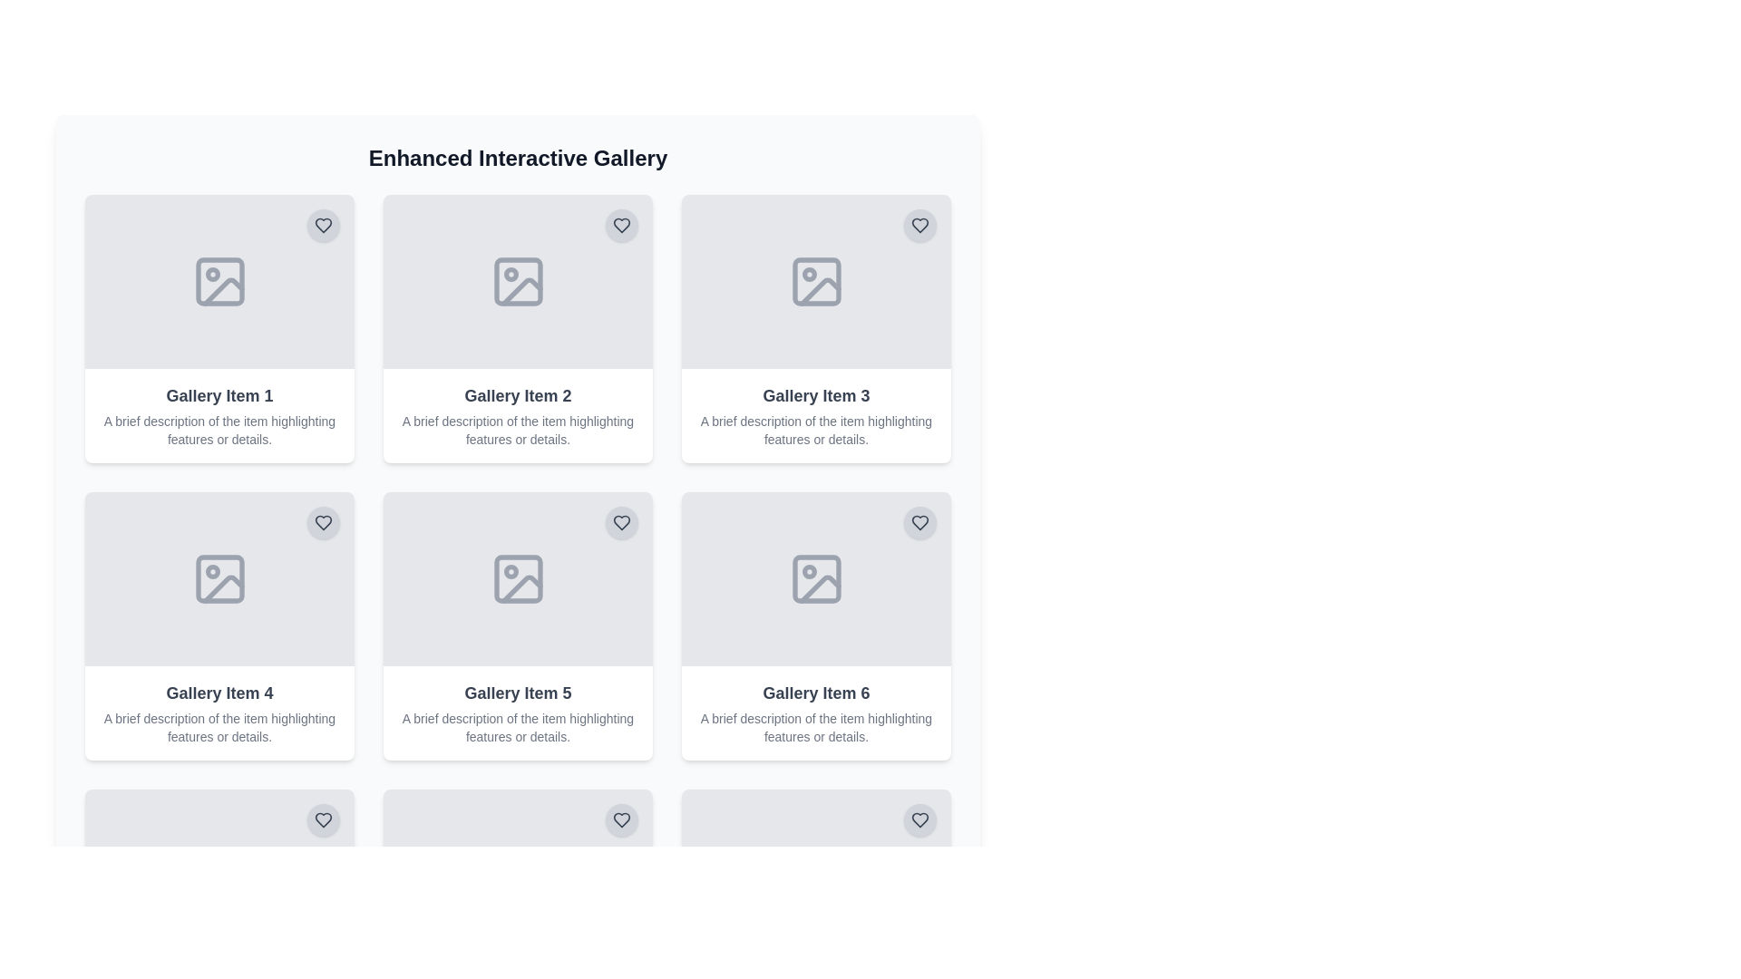 The height and width of the screenshot is (979, 1741). Describe the element at coordinates (323, 225) in the screenshot. I see `the heart-shaped icon in the top-right corner of the panel for 'Gallery Item 1', which indicates liking or favoriting the item` at that location.